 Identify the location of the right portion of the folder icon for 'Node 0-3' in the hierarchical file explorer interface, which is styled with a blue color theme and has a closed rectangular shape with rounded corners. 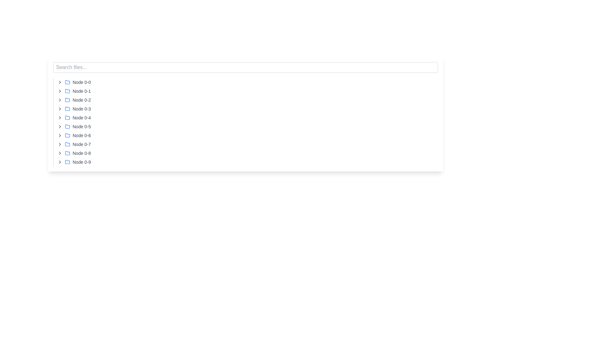
(67, 108).